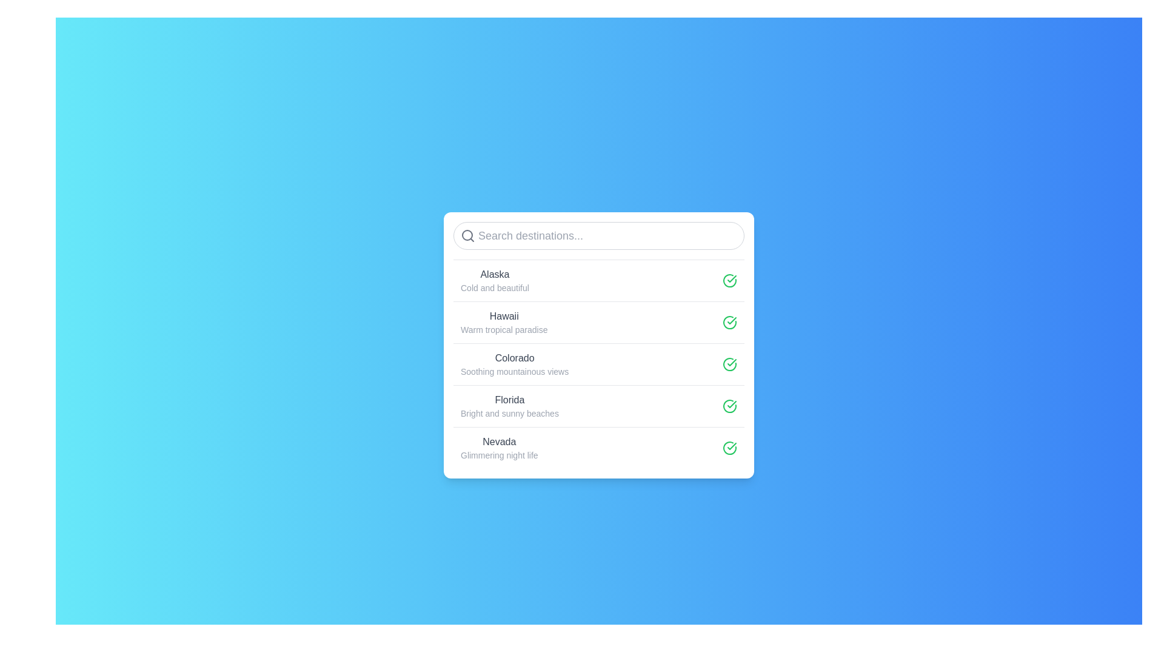 The image size is (1164, 655). Describe the element at coordinates (599, 363) in the screenshot. I see `the list item with the title 'Colorado' and subtitle 'Soothing mountainous views'` at that location.